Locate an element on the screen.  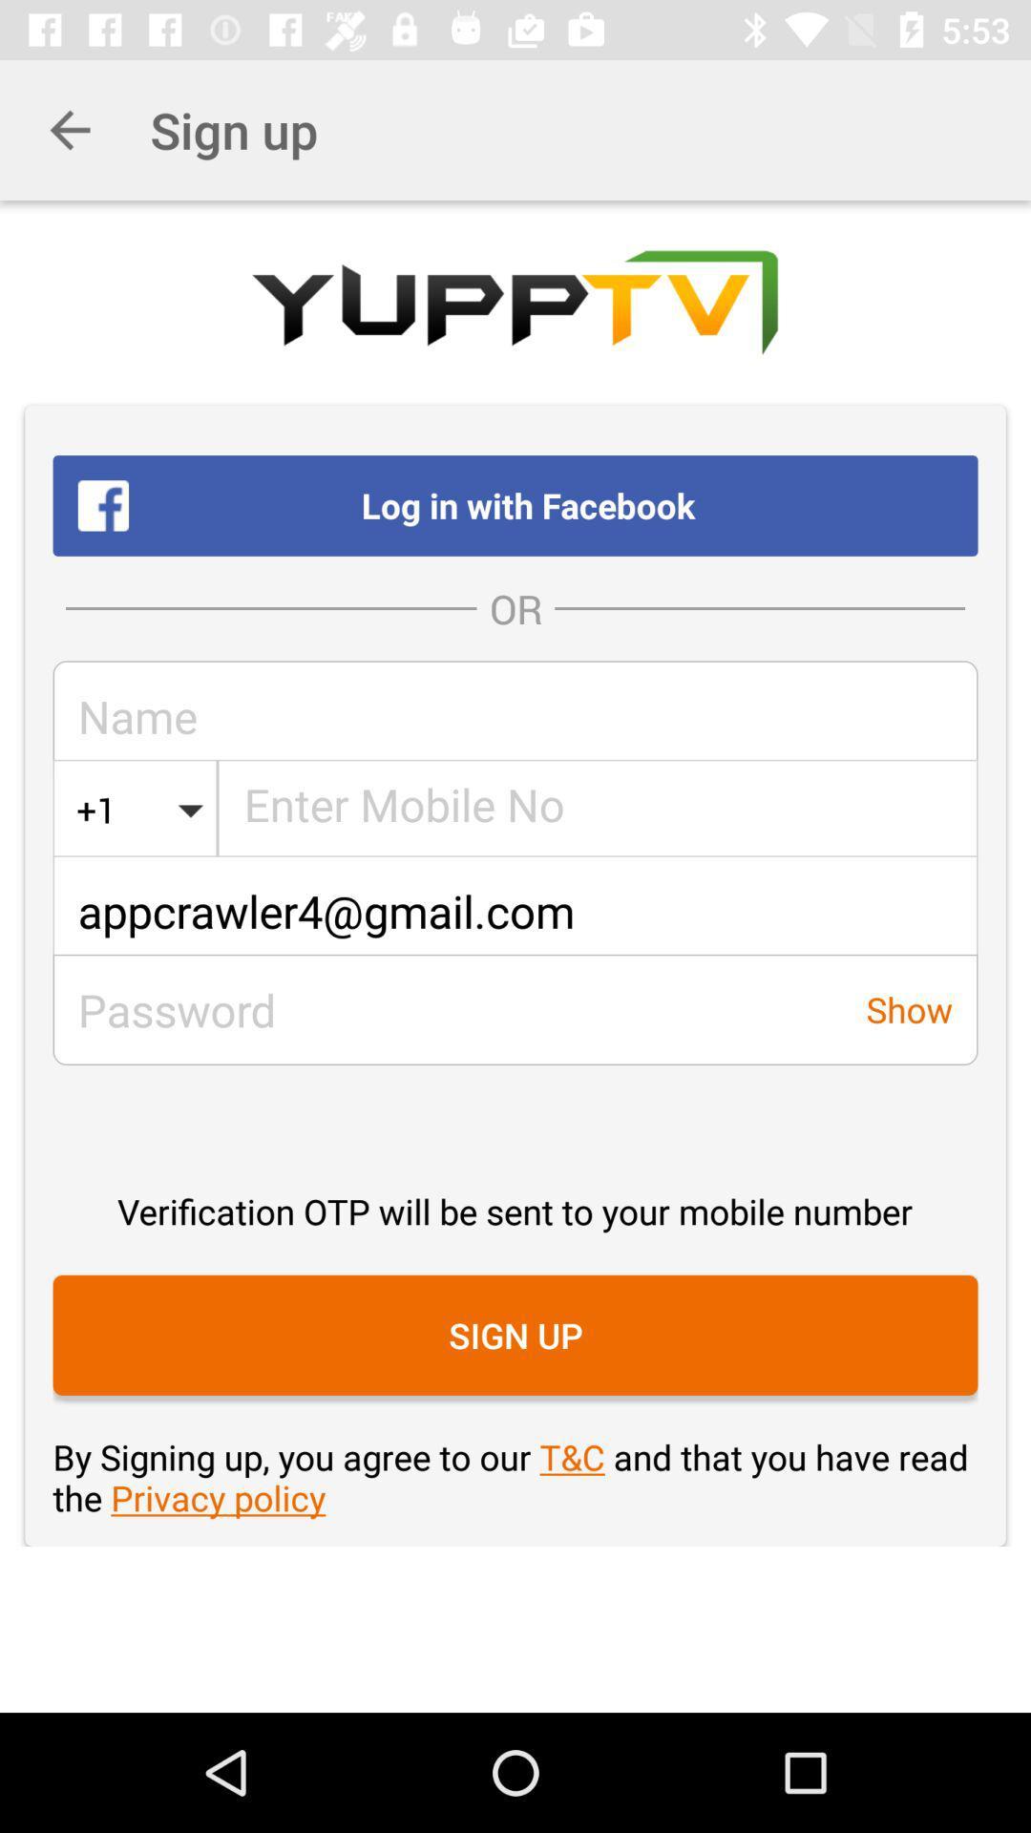
the app next to the sign up icon is located at coordinates (69, 129).